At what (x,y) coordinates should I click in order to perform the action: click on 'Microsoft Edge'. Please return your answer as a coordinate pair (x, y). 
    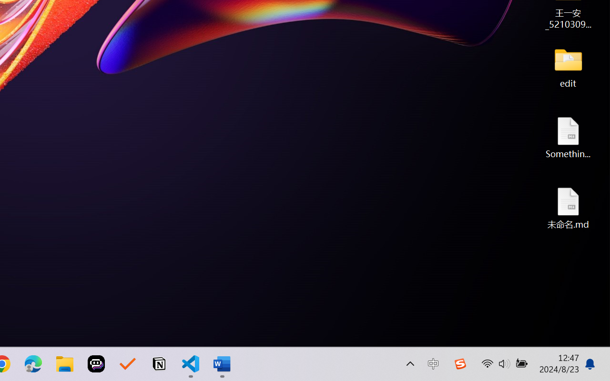
    Looking at the image, I should click on (33, 364).